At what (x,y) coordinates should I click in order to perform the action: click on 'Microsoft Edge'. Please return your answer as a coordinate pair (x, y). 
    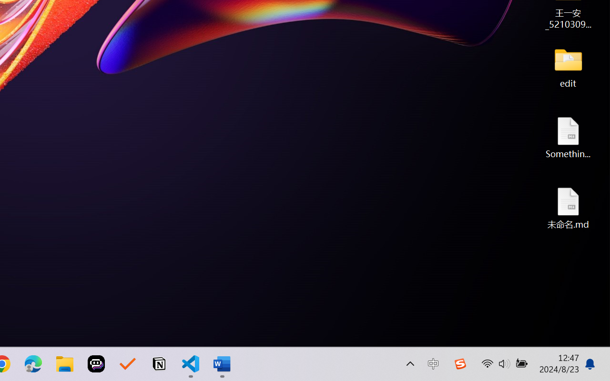
    Looking at the image, I should click on (33, 364).